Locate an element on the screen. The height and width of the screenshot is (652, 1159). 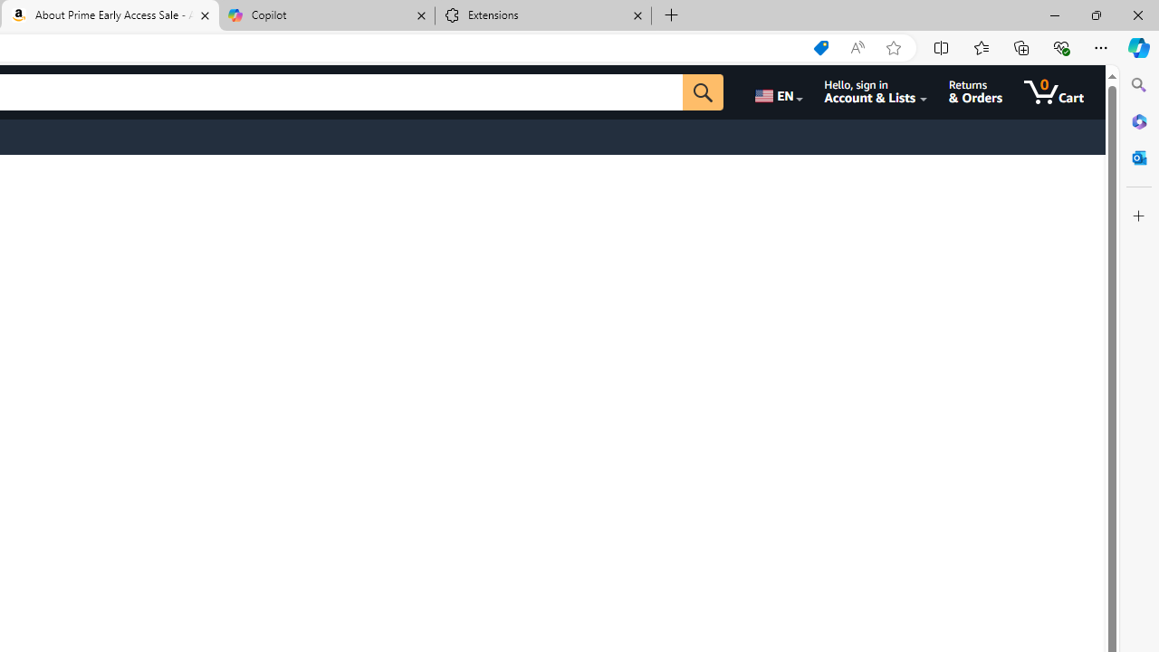
'Copilot' is located at coordinates (326, 15).